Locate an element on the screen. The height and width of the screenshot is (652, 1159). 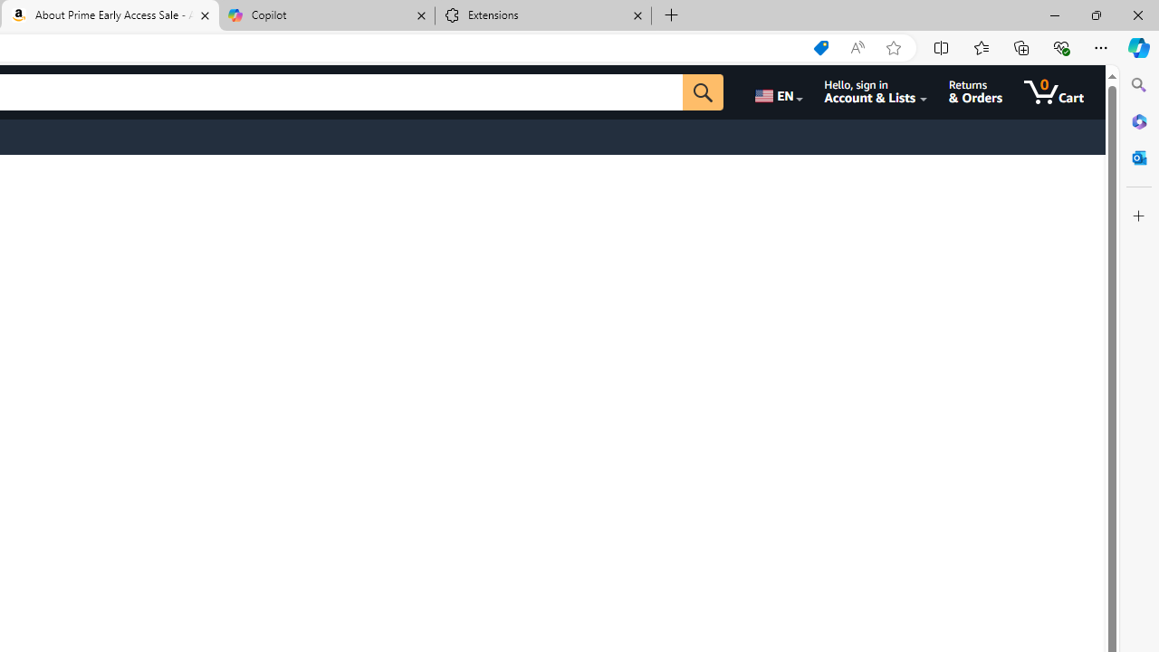
'Copilot' is located at coordinates (326, 15).